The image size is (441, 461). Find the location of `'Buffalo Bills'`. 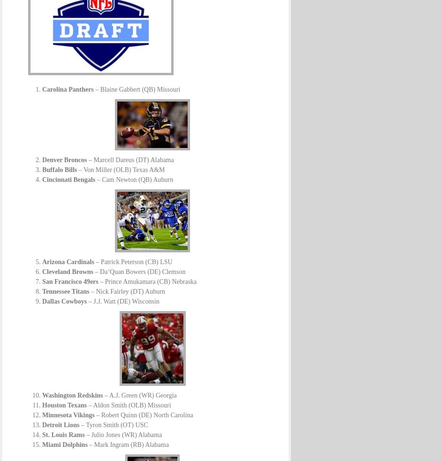

'Buffalo Bills' is located at coordinates (59, 169).